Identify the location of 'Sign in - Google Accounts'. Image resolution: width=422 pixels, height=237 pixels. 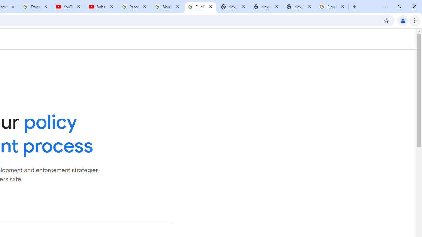
(167, 7).